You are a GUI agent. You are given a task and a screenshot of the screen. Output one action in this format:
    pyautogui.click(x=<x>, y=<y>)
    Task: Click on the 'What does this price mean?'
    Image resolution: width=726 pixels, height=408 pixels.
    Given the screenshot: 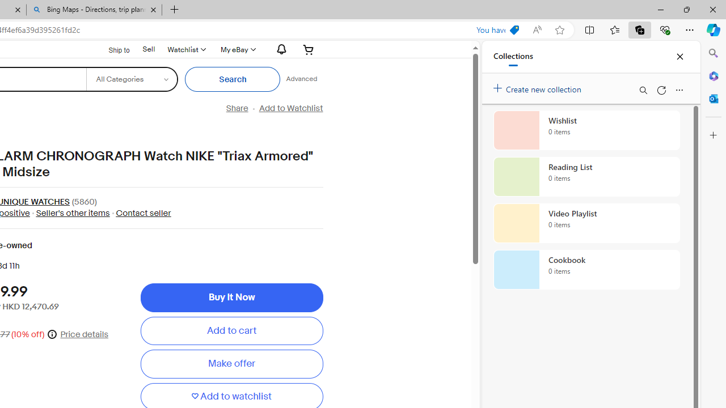 What is the action you would take?
    pyautogui.click(x=52, y=333)
    